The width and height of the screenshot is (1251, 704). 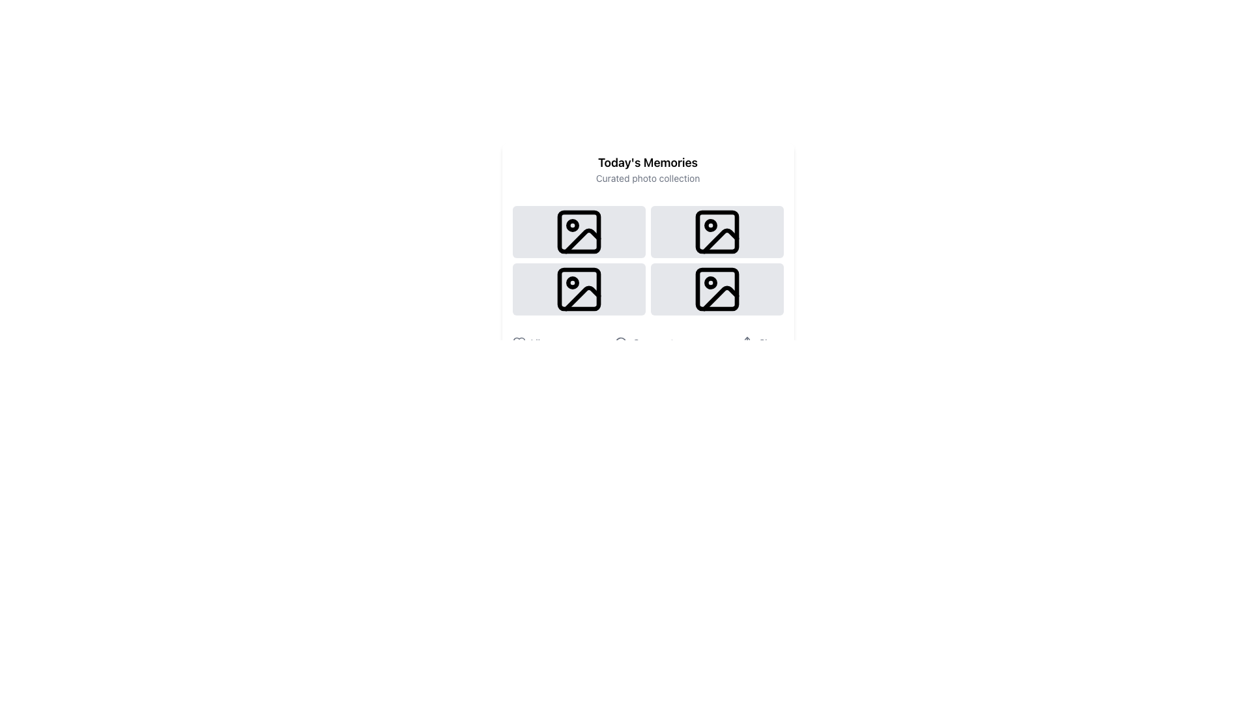 I want to click on the small heart-shaped icon outlined with a thin stroke, located to the left of the 'Like' text label, so click(x=518, y=342).